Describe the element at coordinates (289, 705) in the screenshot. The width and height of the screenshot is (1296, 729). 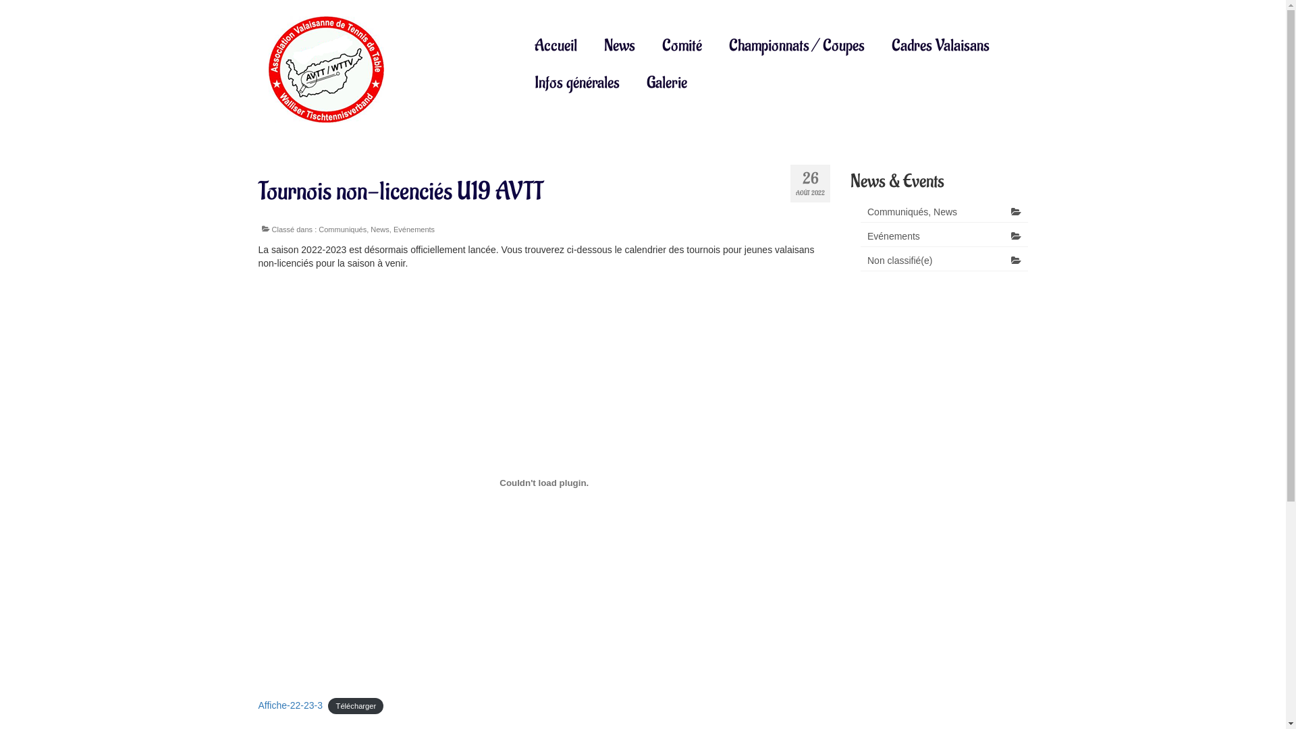
I see `'Affiche-22-23-3'` at that location.